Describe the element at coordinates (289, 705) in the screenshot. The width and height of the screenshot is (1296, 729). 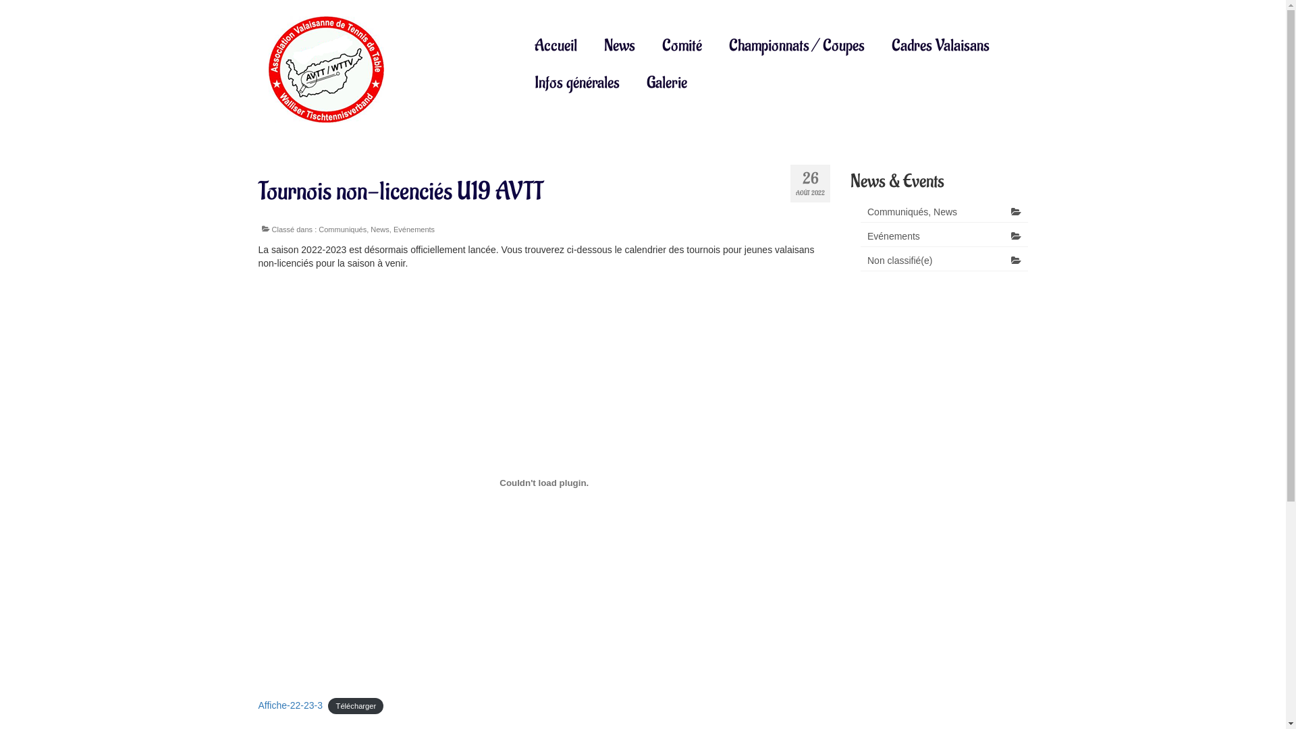
I see `'Affiche-22-23-3'` at that location.